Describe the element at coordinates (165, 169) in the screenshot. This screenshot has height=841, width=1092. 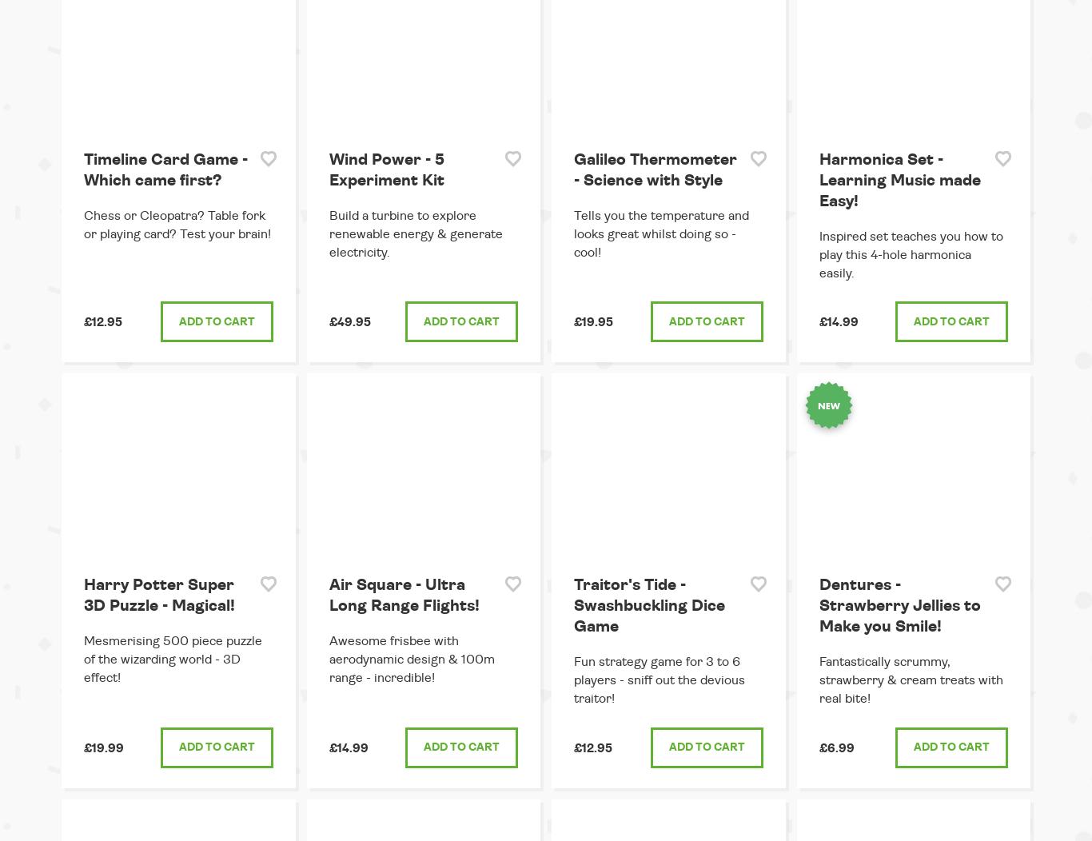
I see `'Timeline Card Game - Which came first?'` at that location.